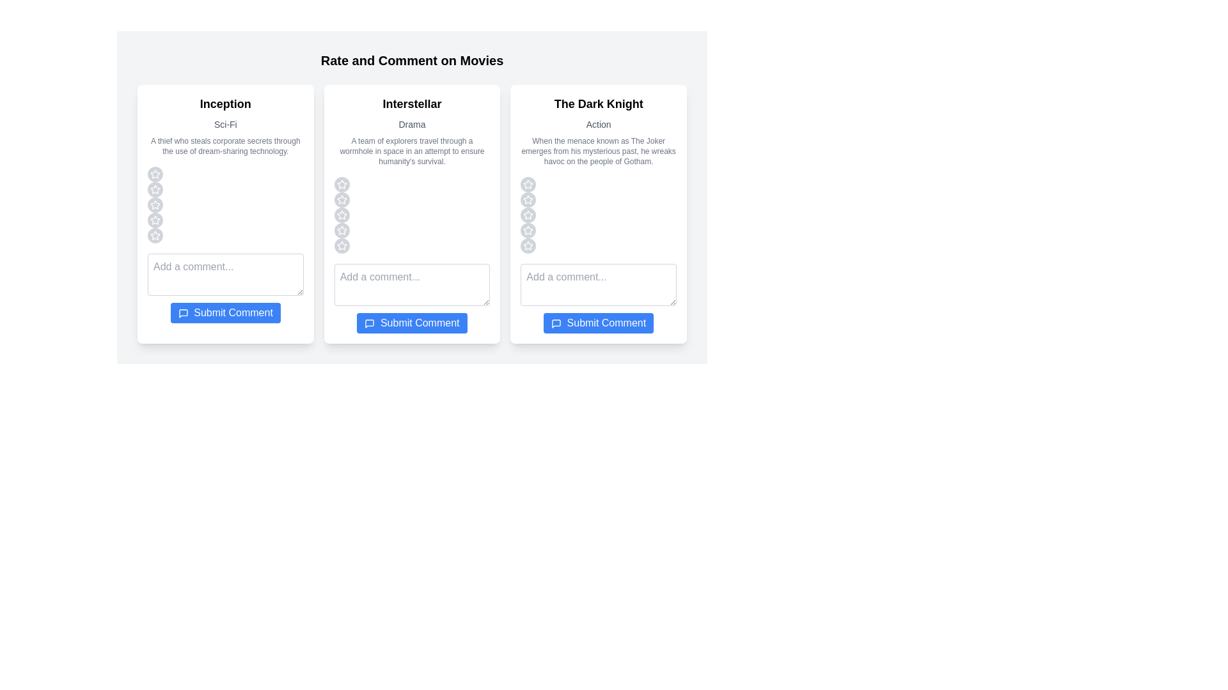 Image resolution: width=1228 pixels, height=690 pixels. I want to click on the star corresponding to the rating 4 for the movie Interstellar, so click(341, 231).